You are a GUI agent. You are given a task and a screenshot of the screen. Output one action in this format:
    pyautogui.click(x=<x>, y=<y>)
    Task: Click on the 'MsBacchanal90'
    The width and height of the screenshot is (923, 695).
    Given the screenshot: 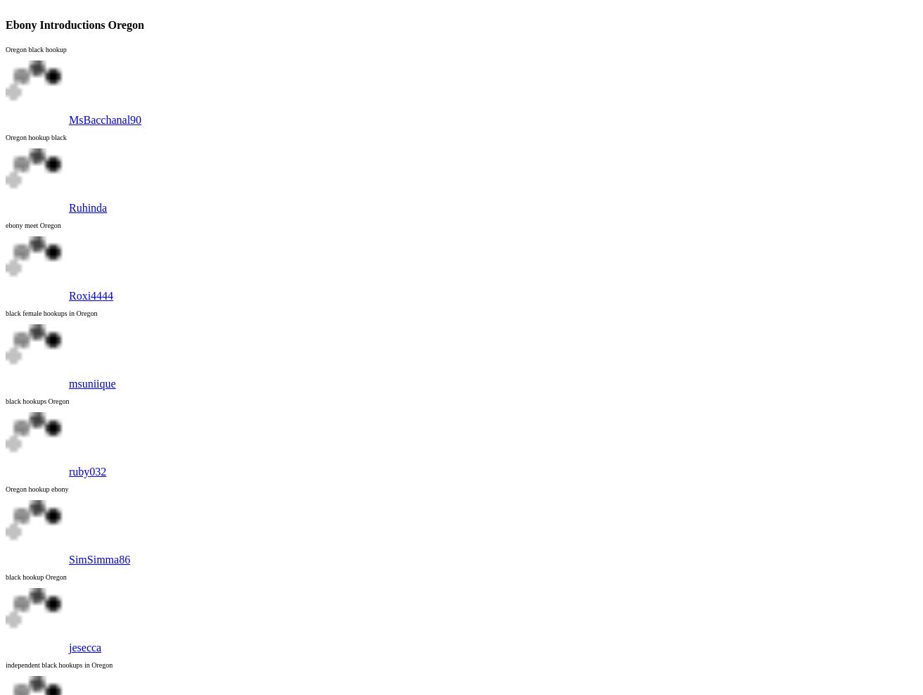 What is the action you would take?
    pyautogui.click(x=69, y=119)
    